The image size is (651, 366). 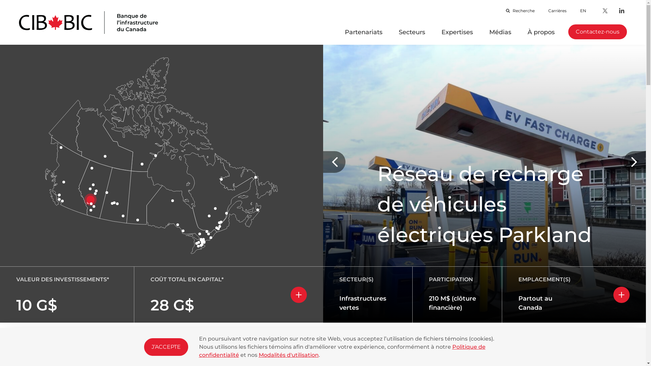 I want to click on 'Secteurs', so click(x=411, y=36).